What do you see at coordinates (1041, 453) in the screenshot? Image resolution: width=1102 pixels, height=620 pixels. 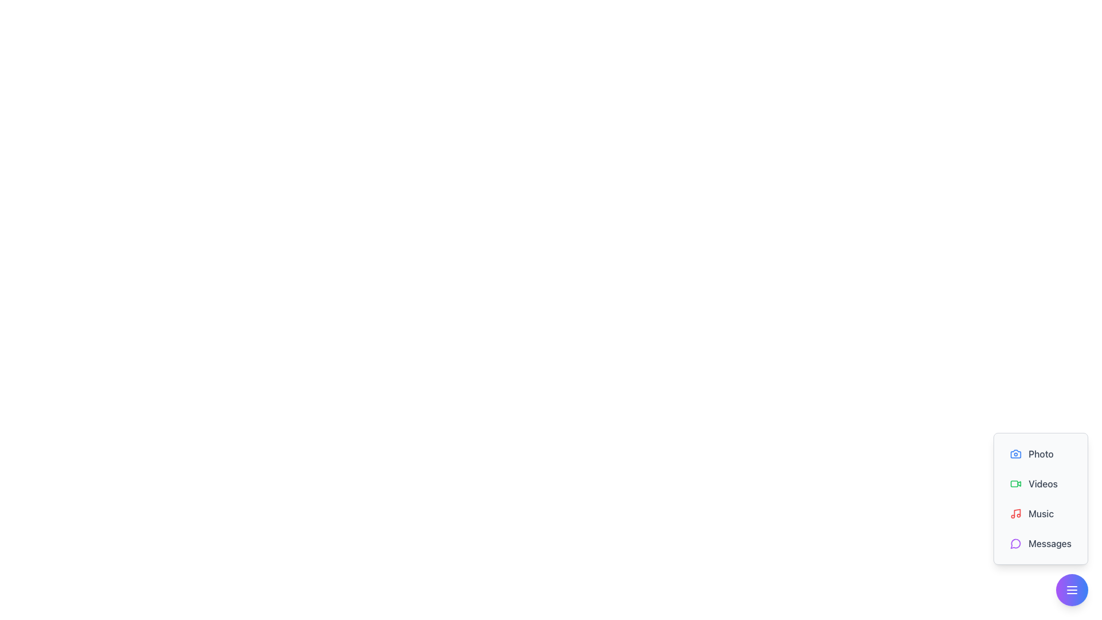 I see `the first item in the vertical stack of menu options` at bounding box center [1041, 453].